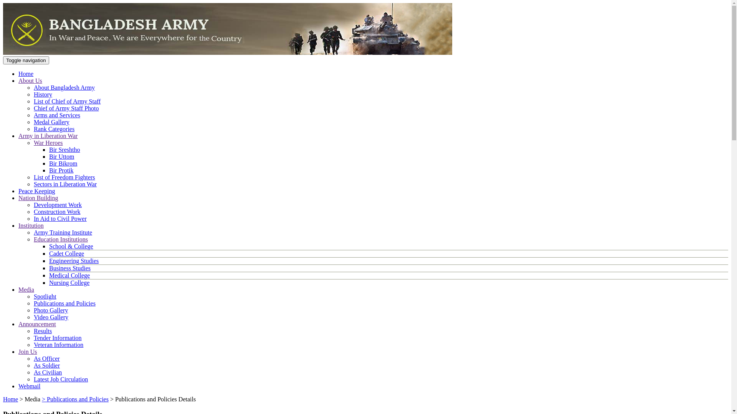 The width and height of the screenshot is (737, 414). I want to click on 'About Us', so click(30, 80).